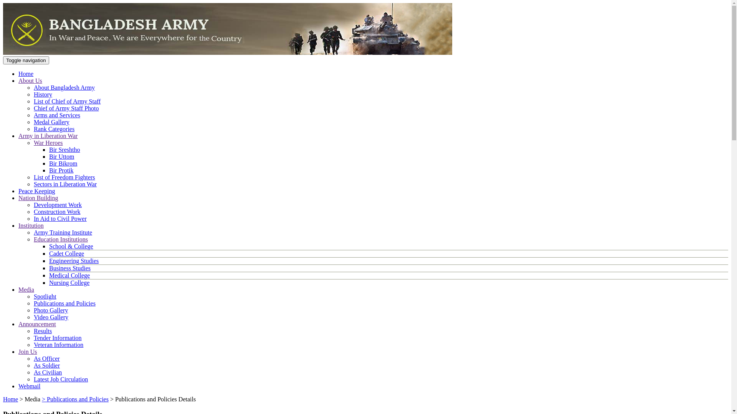 The width and height of the screenshot is (737, 414). I want to click on 'About Us', so click(30, 80).